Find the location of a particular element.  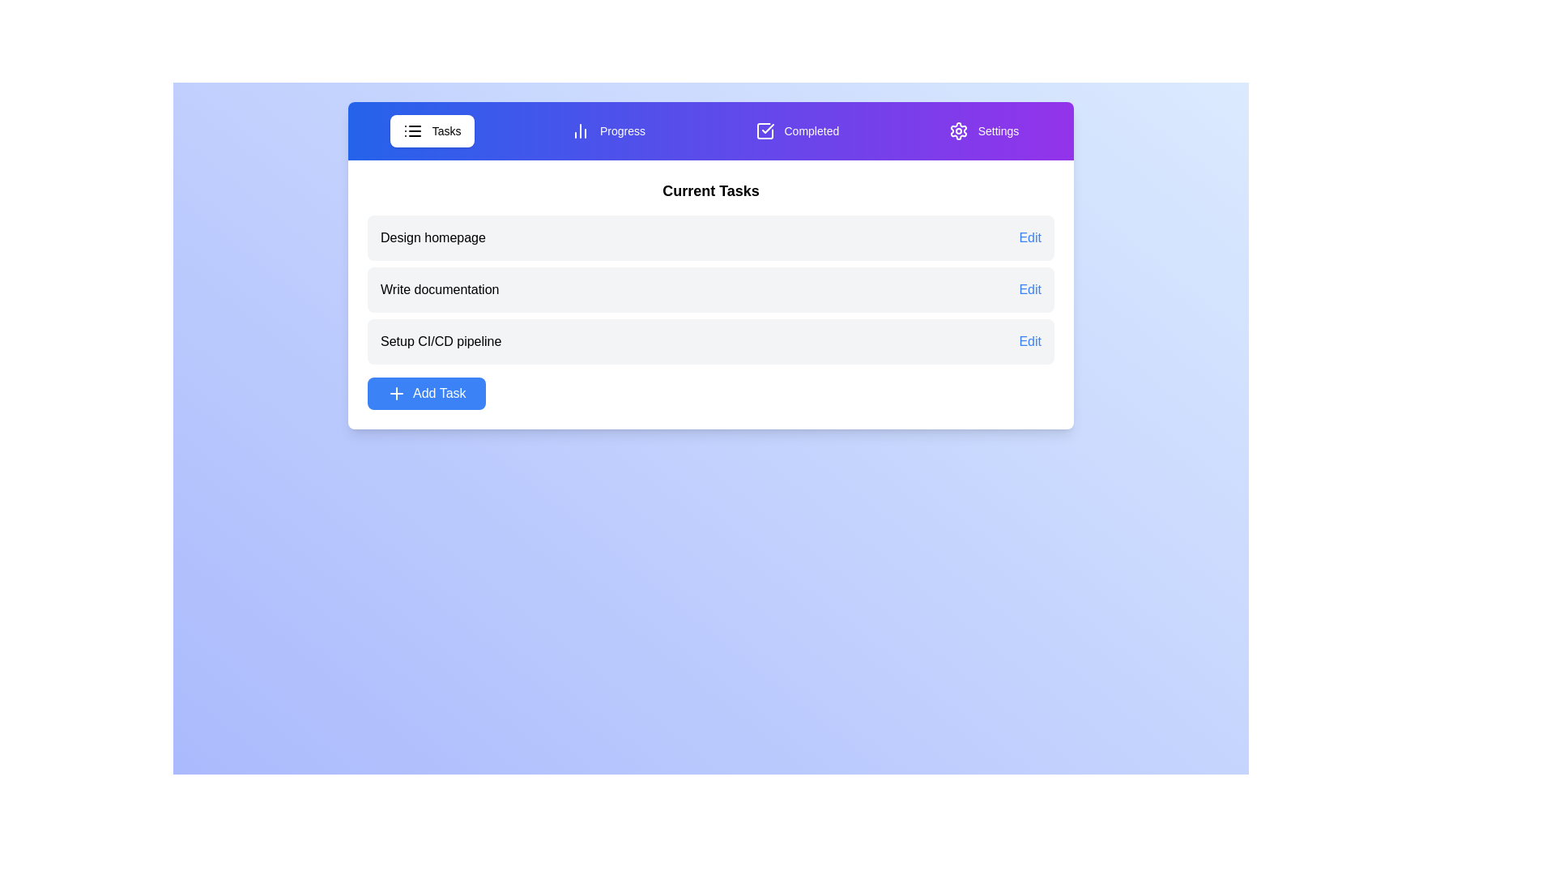

the checkmark icon located in the 'Completed' tab of the top navigation bar, which is styled with a minimalistic design is located at coordinates (764, 130).